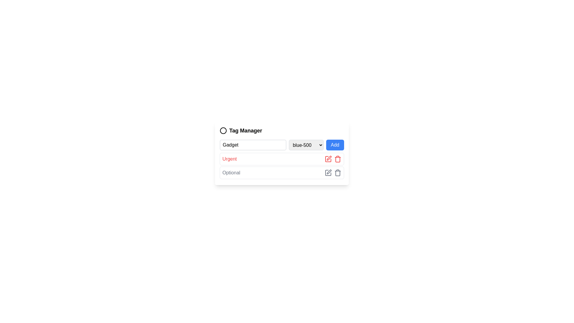 This screenshot has height=323, width=574. Describe the element at coordinates (335, 145) in the screenshot. I see `the button` at that location.